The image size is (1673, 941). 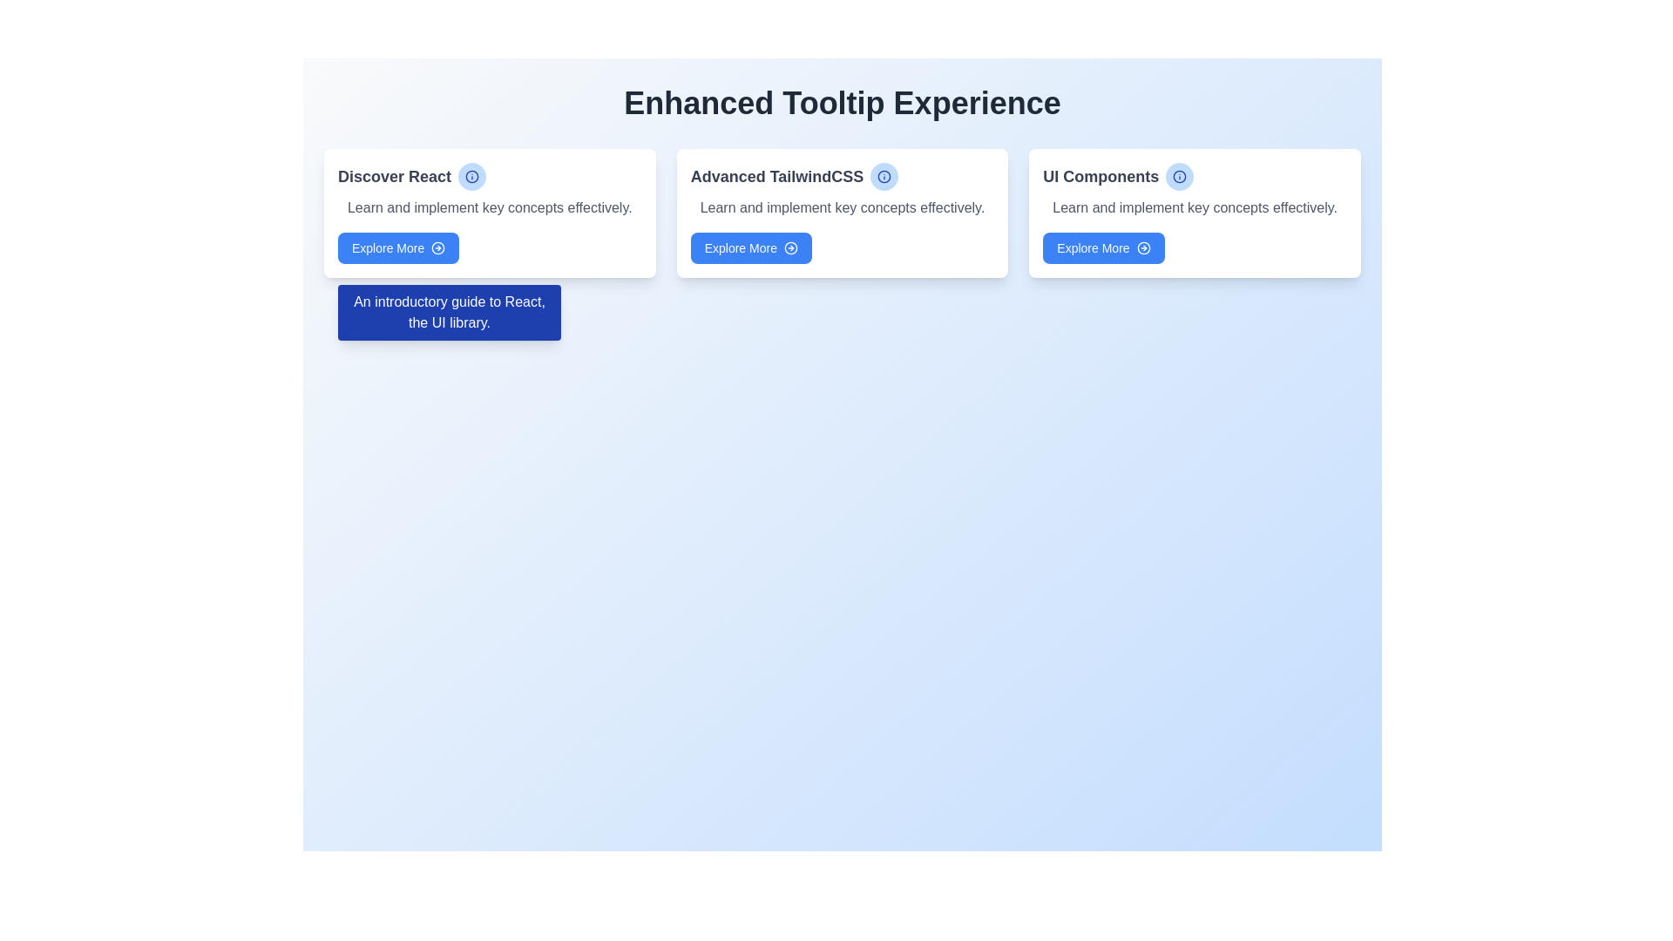 I want to click on descriptive text label located in the center card below the title 'Advanced TailwindCSS' and above the button 'Explore More', so click(x=842, y=207).